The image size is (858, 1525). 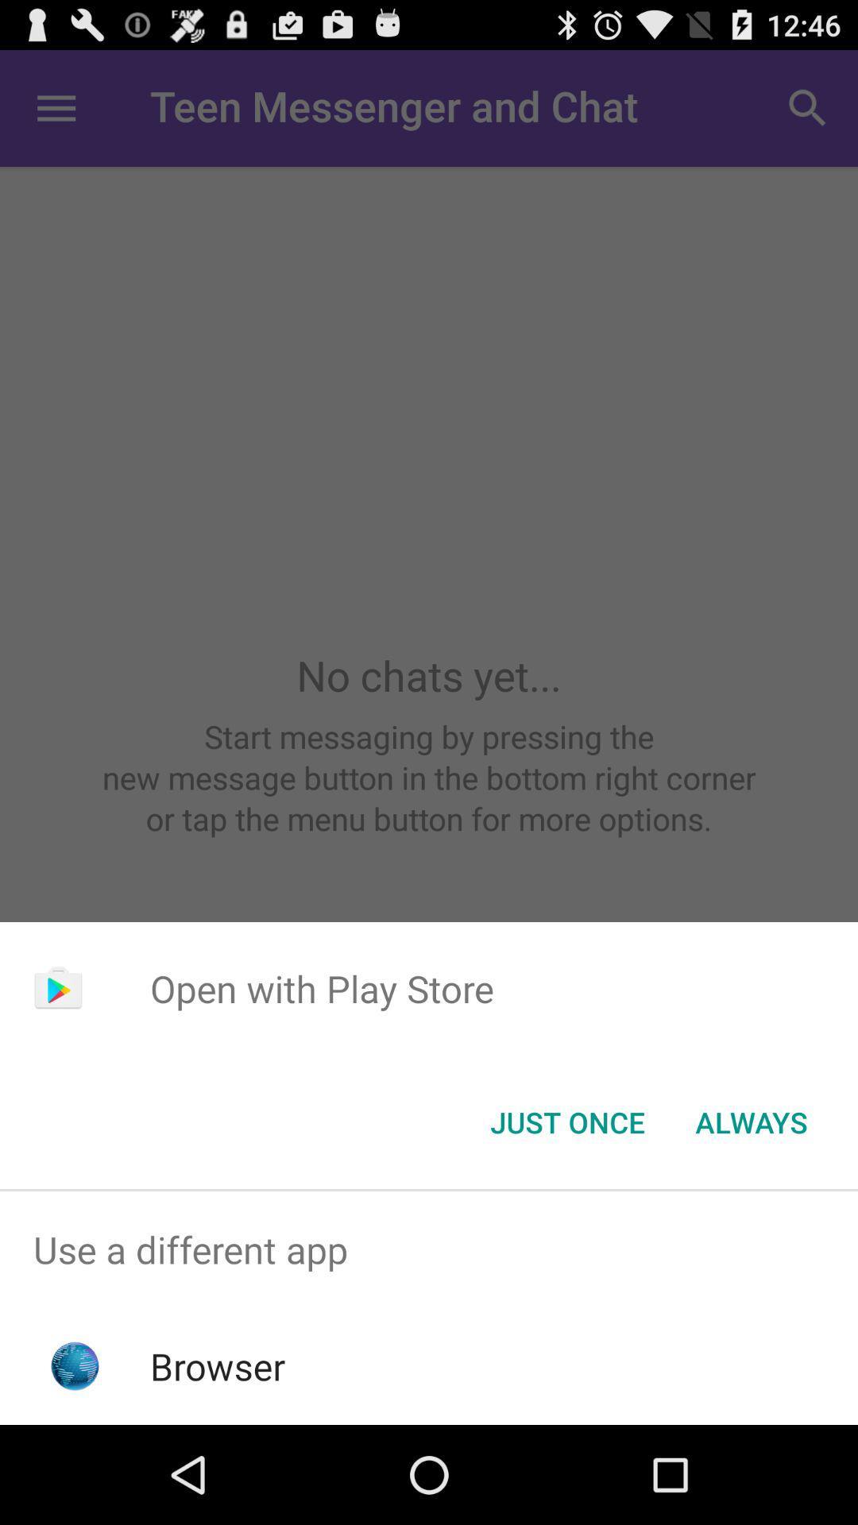 What do you see at coordinates (751, 1121) in the screenshot?
I see `item next to just once button` at bounding box center [751, 1121].